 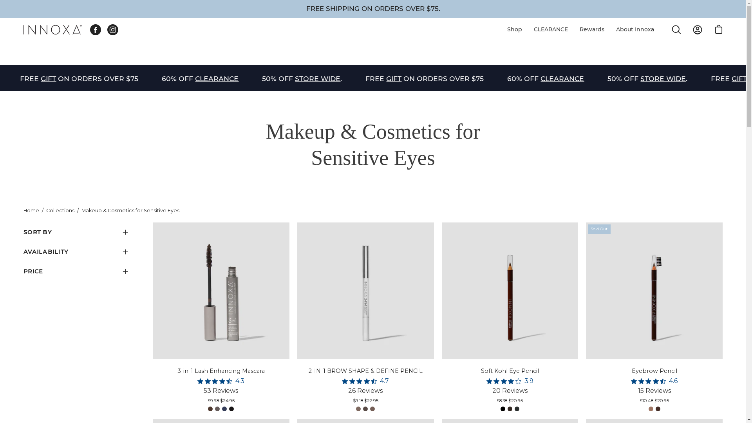 What do you see at coordinates (654, 371) in the screenshot?
I see `'Eyebrow Pencil'` at bounding box center [654, 371].